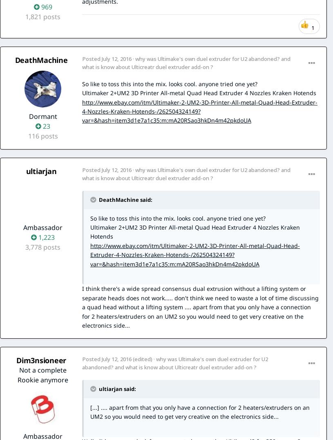 This screenshot has height=440, width=333. What do you see at coordinates (116, 388) in the screenshot?
I see `'ultiarjan said:'` at bounding box center [116, 388].